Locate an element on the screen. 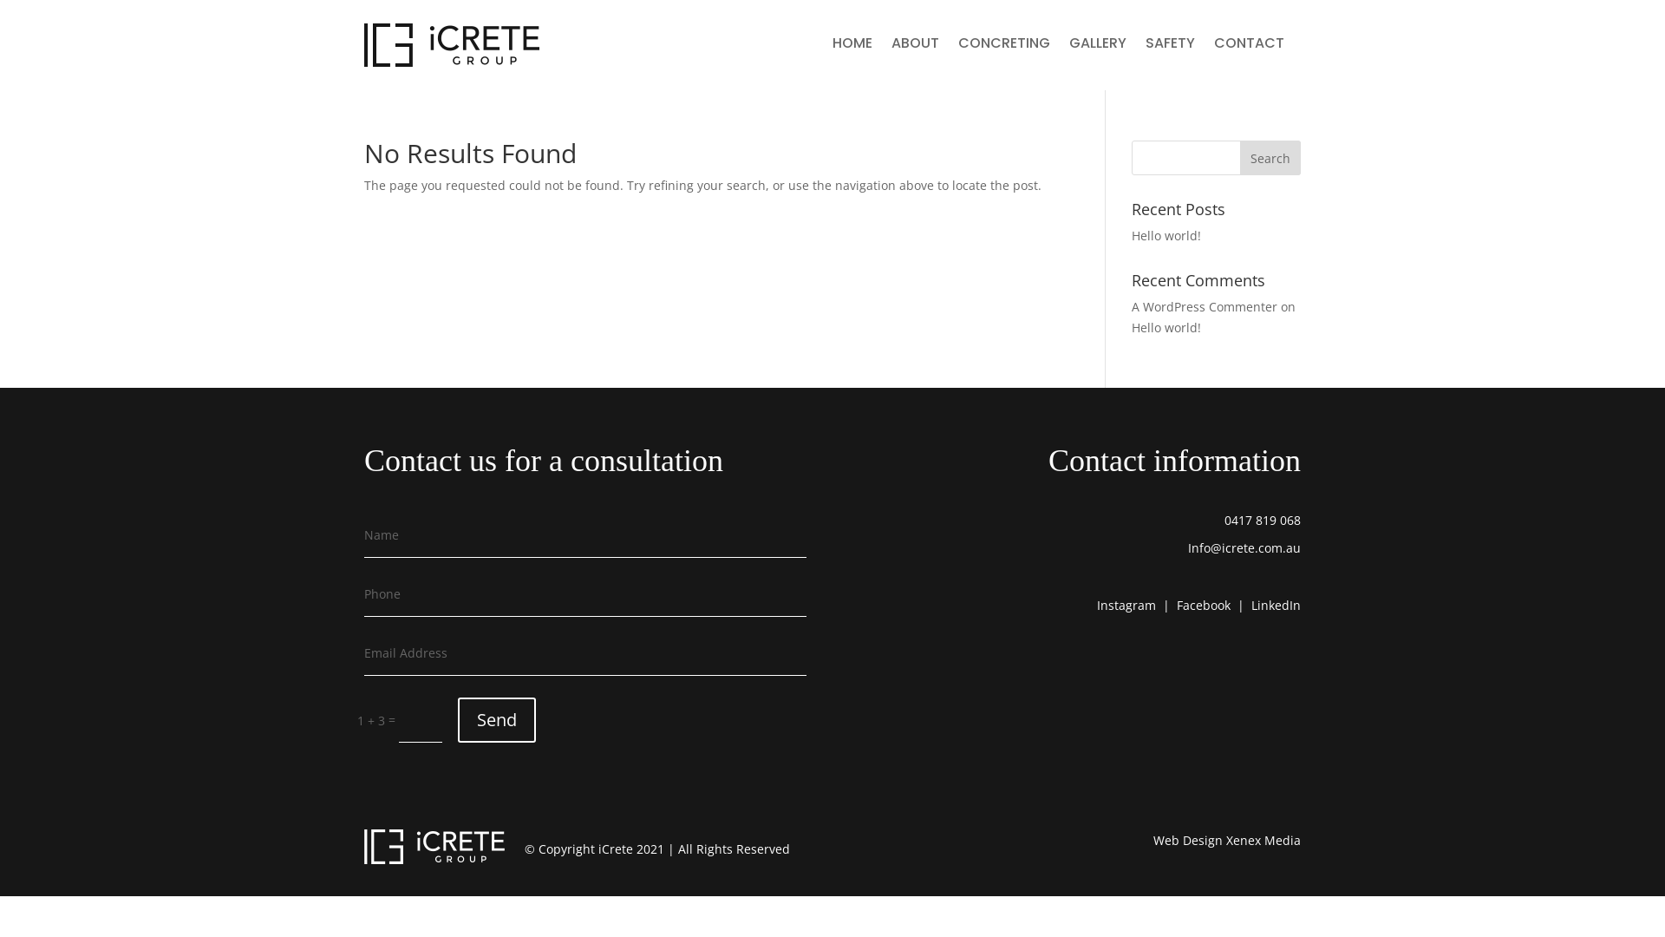 This screenshot has height=937, width=1665. 'A WordPress Commenter' is located at coordinates (1203, 305).